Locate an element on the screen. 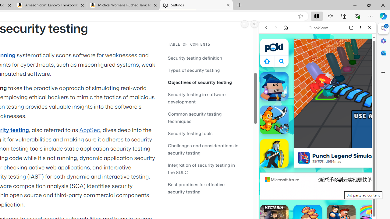  'poki.com' is located at coordinates (318, 28).